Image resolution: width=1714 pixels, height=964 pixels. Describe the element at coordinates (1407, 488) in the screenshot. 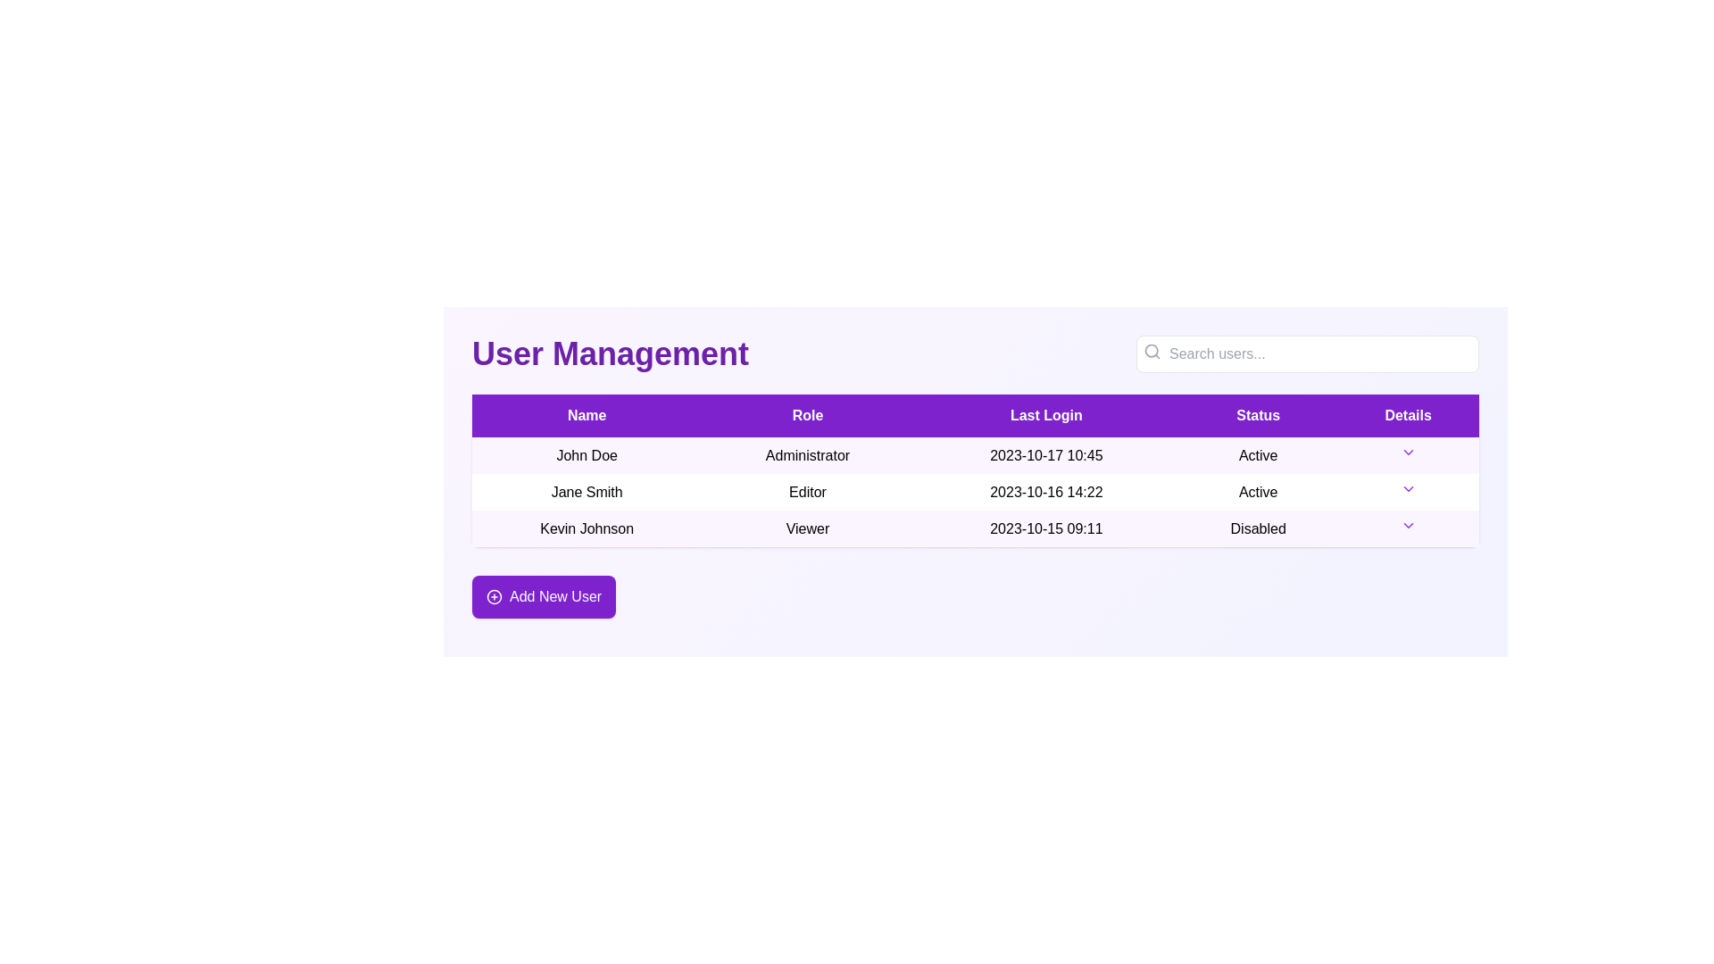

I see `the dropdown trigger in the Details column for the user 'Jane Smith'` at that location.